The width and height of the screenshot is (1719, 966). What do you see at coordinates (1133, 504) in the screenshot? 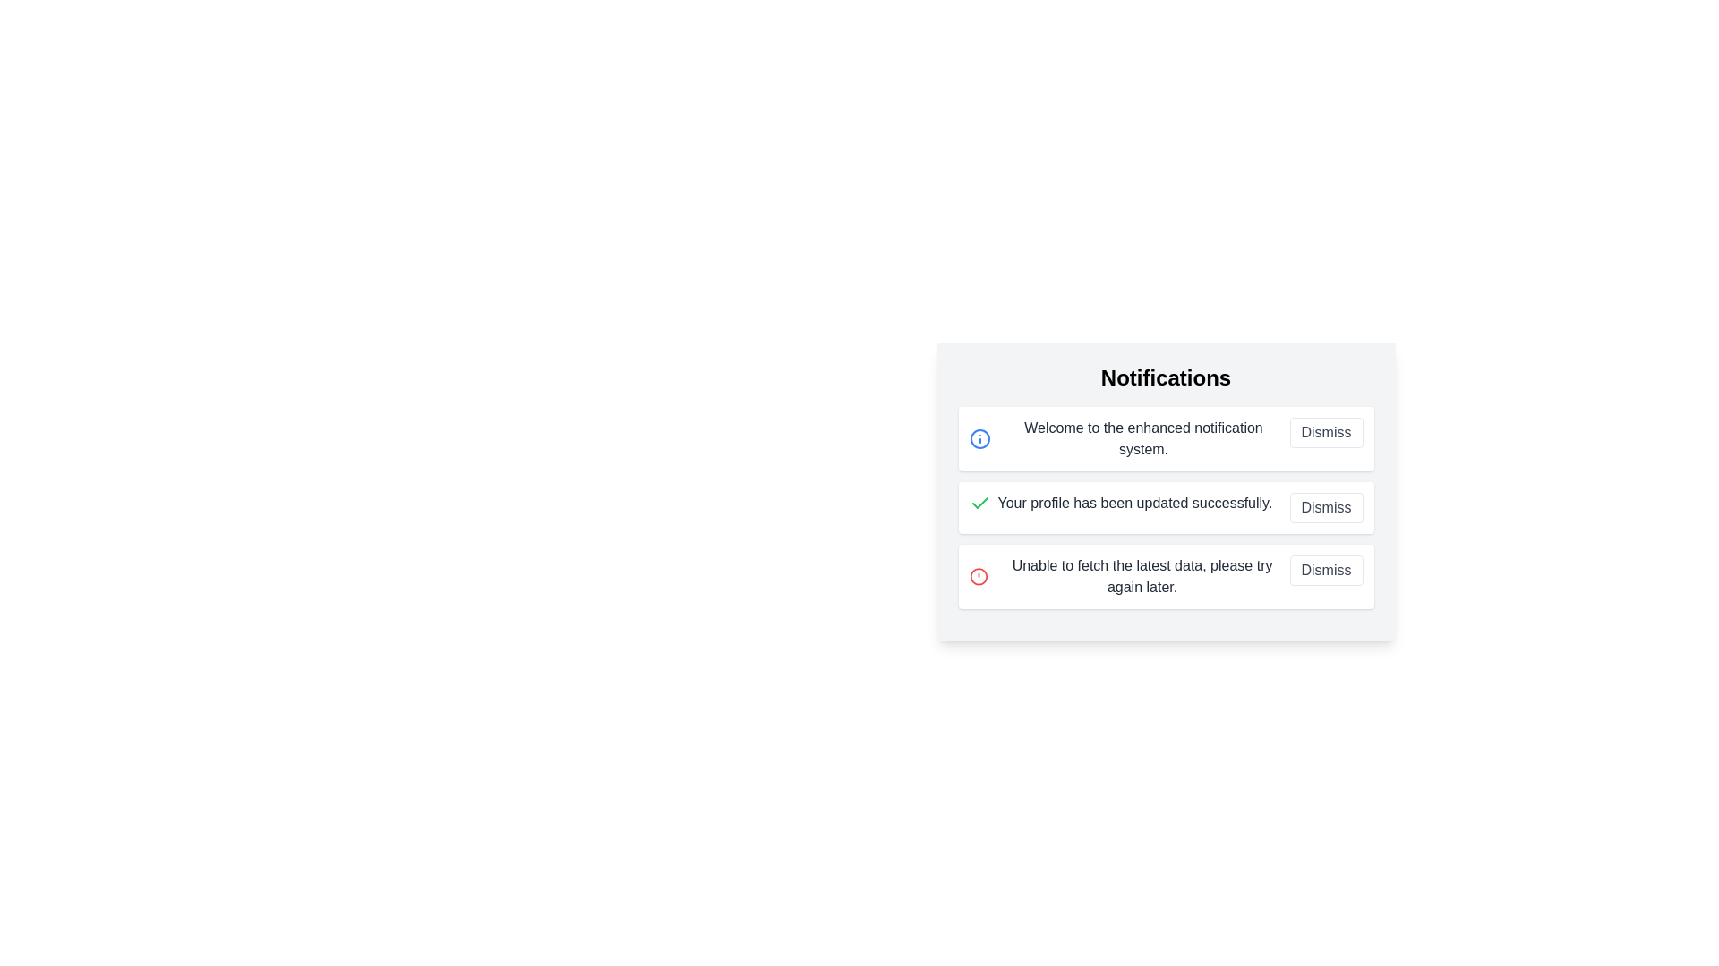
I see `the confirmation message indicating a successful profile update, which is the second notification in the list within the notification card` at bounding box center [1133, 504].